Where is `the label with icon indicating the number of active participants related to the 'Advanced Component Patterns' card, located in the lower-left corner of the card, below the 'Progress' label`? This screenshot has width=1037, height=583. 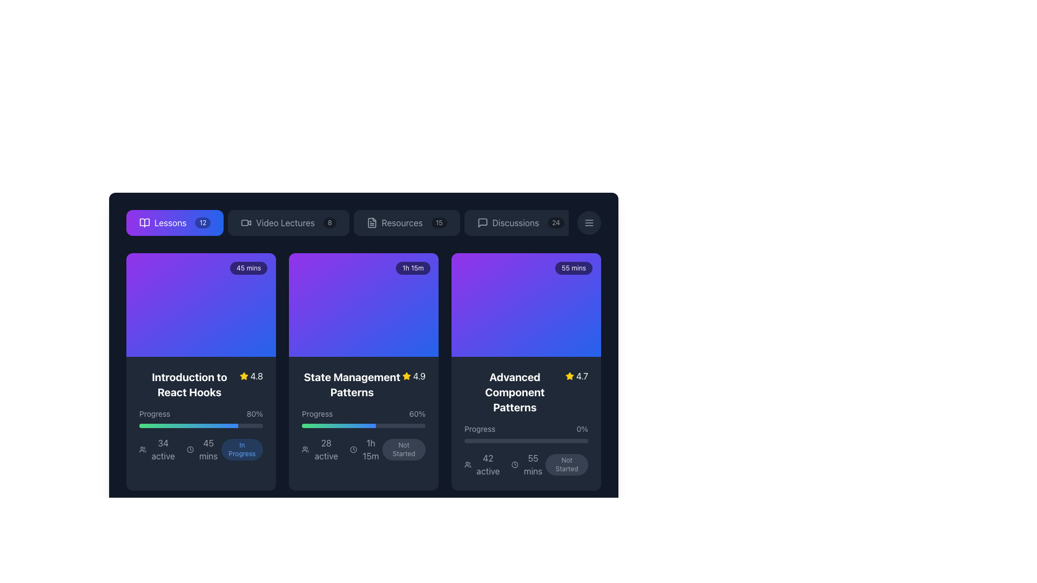
the label with icon indicating the number of active participants related to the 'Advanced Component Patterns' card, located in the lower-left corner of the card, below the 'Progress' label is located at coordinates (483, 464).